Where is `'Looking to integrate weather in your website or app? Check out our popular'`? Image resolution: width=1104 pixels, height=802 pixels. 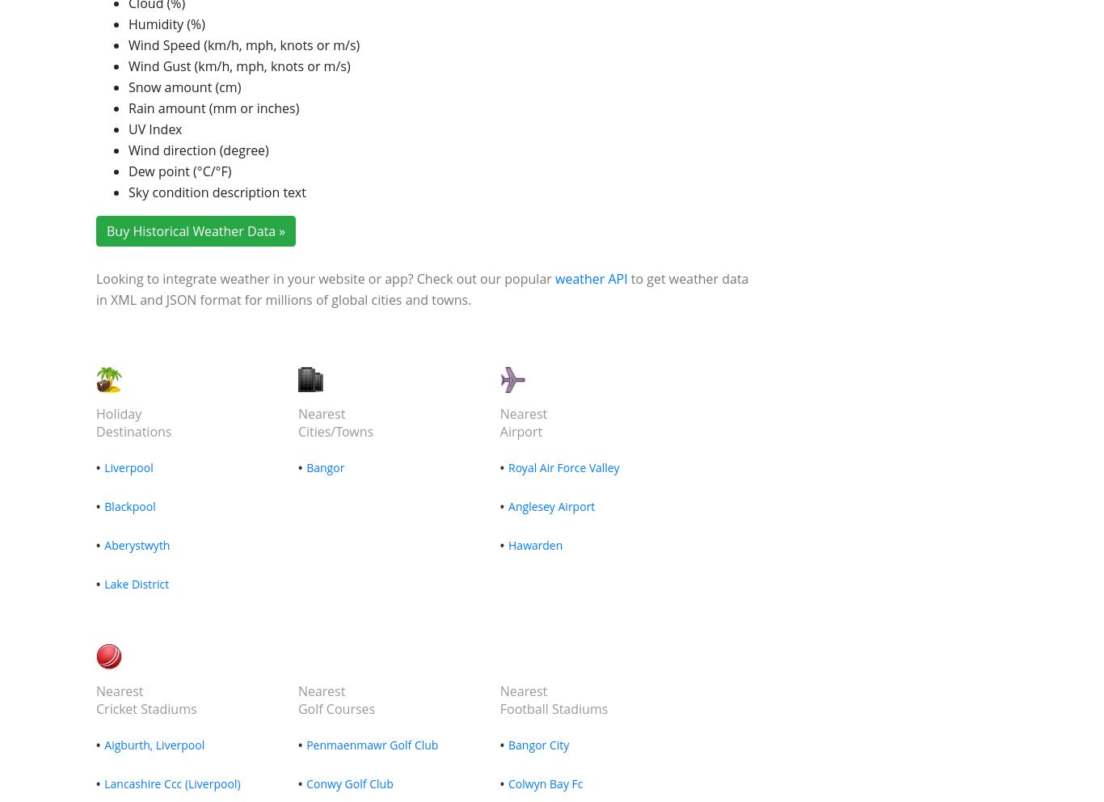 'Looking to integrate weather in your website or app? Check out our popular' is located at coordinates (324, 278).